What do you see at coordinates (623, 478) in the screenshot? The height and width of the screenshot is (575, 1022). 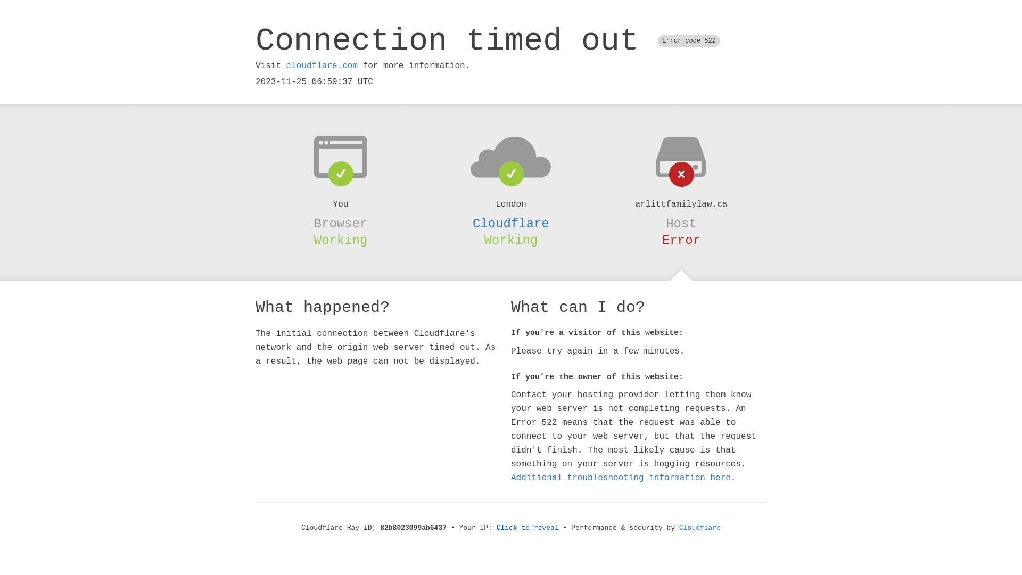 I see `'Additional troubleshooting information here.'` at bounding box center [623, 478].